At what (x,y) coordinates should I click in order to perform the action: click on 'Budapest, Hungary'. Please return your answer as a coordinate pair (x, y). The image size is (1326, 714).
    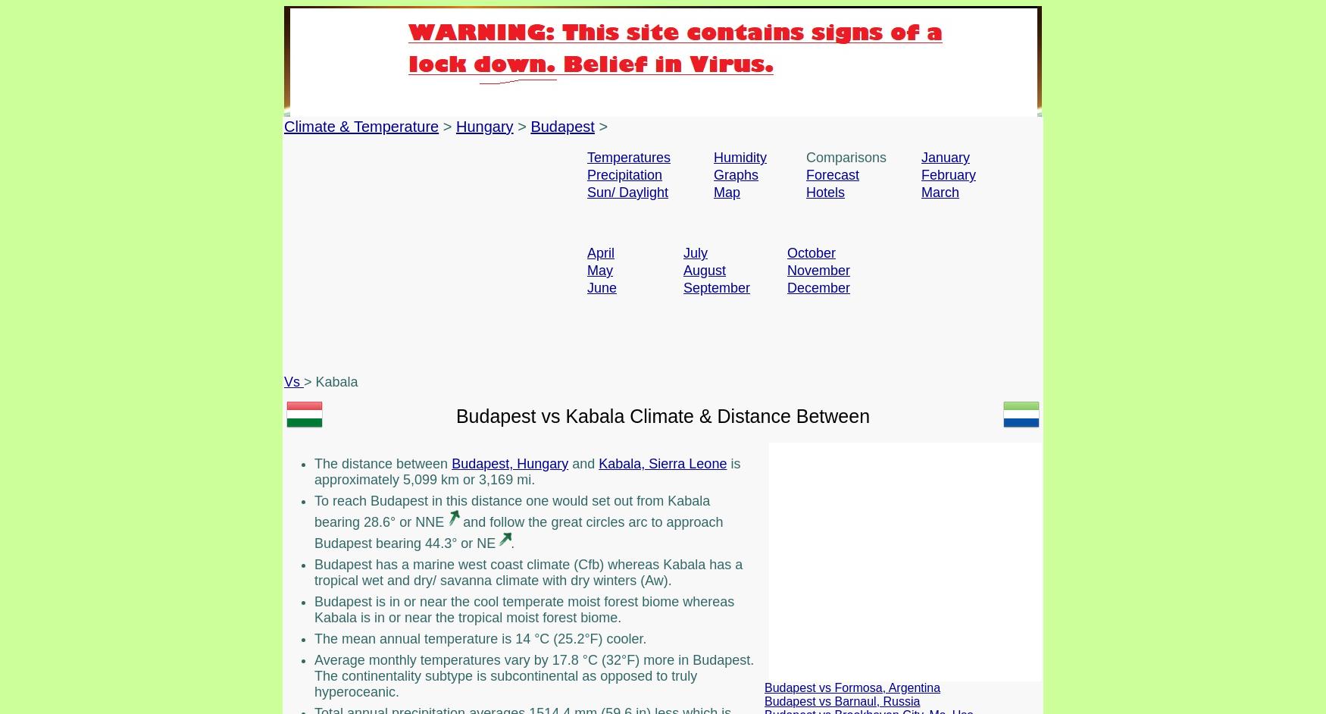
    Looking at the image, I should click on (509, 462).